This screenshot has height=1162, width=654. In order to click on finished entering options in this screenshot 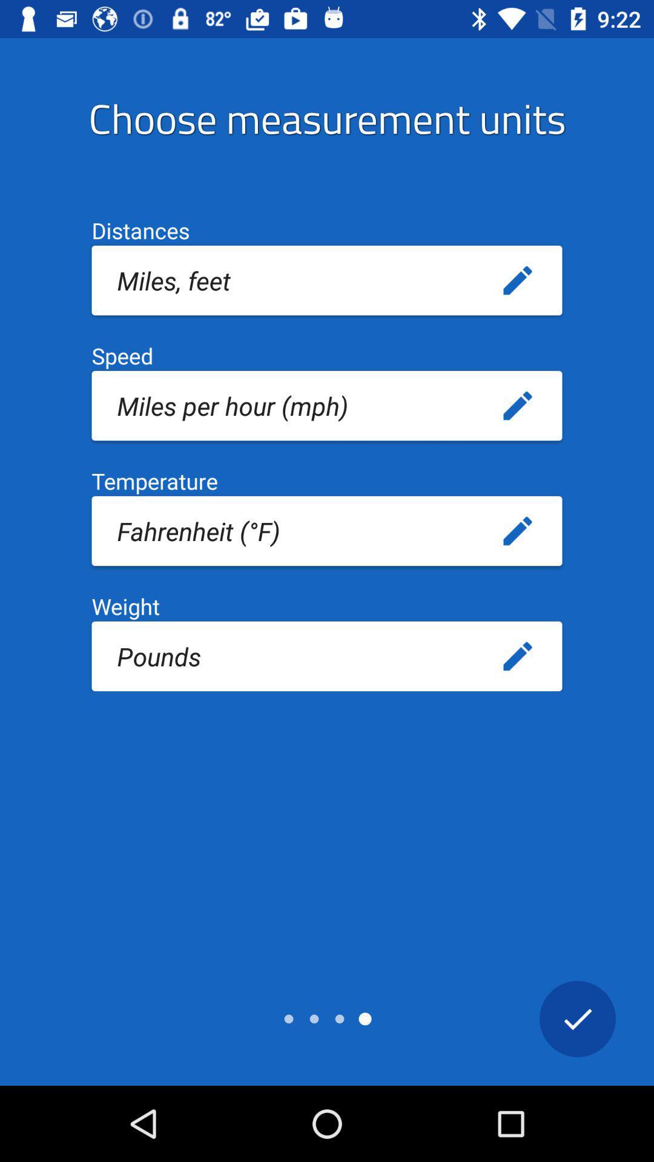, I will do `click(576, 1018)`.